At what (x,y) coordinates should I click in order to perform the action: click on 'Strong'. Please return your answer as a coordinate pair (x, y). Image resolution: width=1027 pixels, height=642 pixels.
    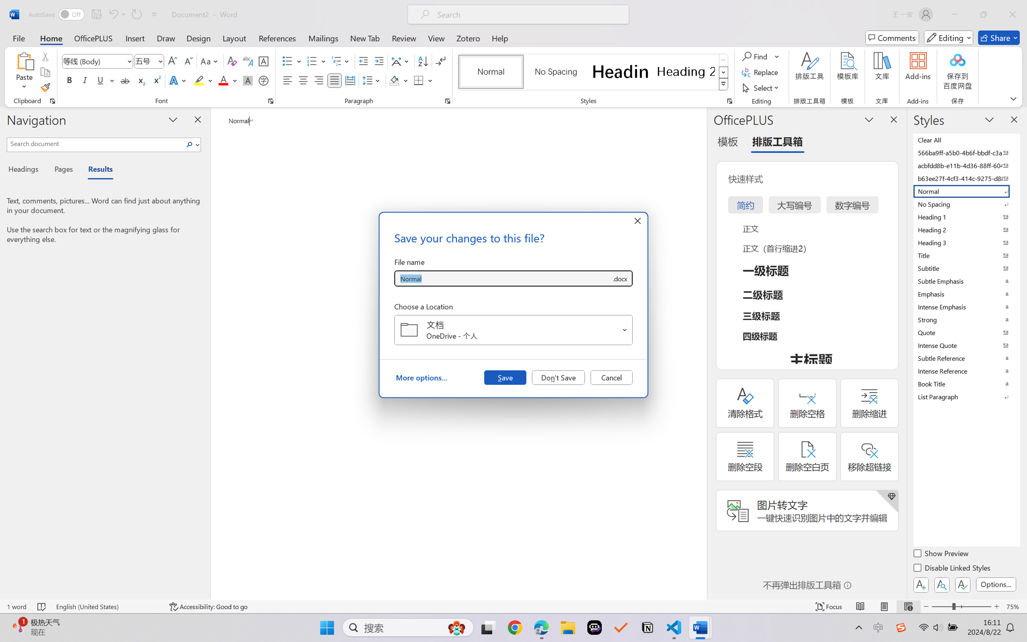
    Looking at the image, I should click on (965, 319).